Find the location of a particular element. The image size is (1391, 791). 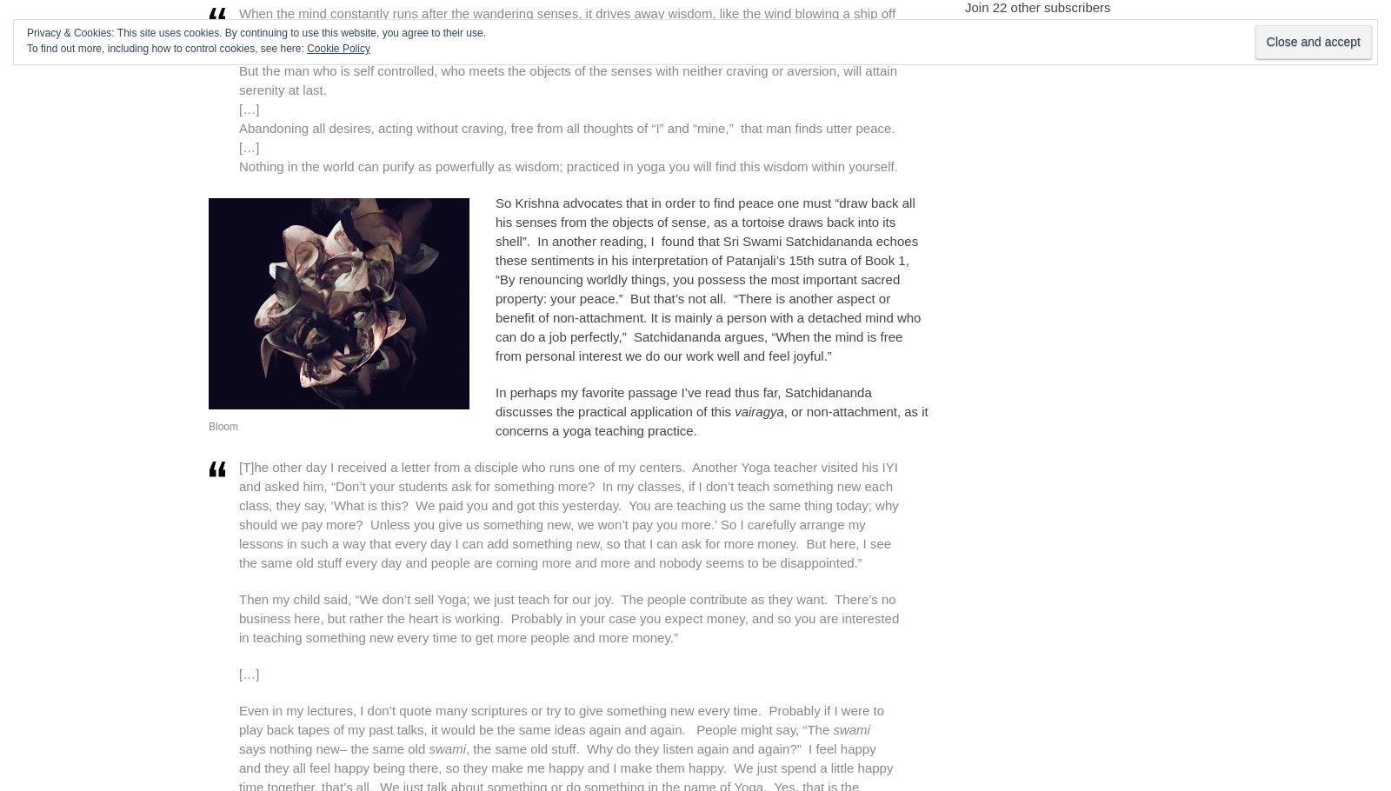

'Nothing in the world can purify as powerfully as wisdom; practiced in yoga you will find this wisdom within yourself.' is located at coordinates (568, 166).